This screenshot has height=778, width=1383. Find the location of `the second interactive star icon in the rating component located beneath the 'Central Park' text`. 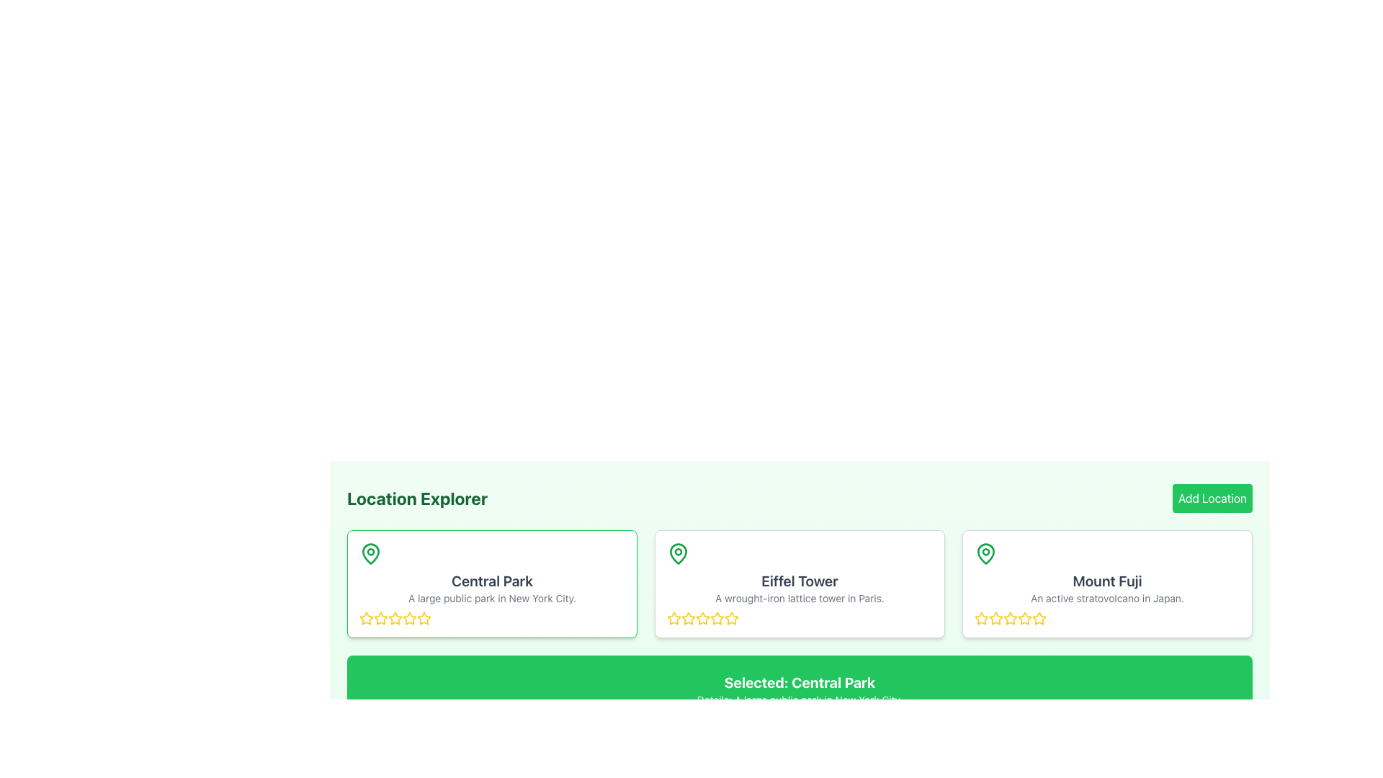

the second interactive star icon in the rating component located beneath the 'Central Park' text is located at coordinates (395, 617).